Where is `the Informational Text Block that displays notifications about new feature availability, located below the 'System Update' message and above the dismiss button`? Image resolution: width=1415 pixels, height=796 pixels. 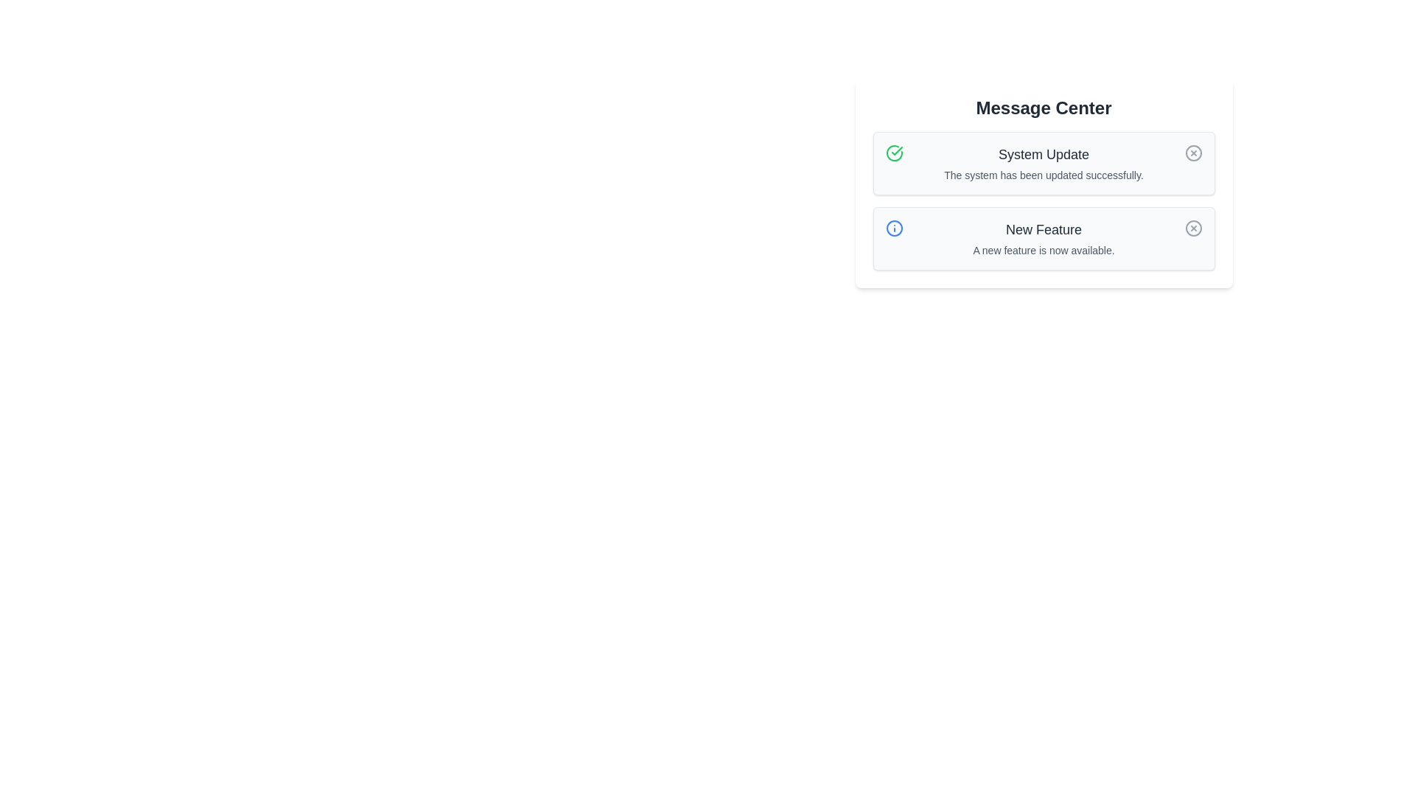 the Informational Text Block that displays notifications about new feature availability, located below the 'System Update' message and above the dismiss button is located at coordinates (1043, 238).